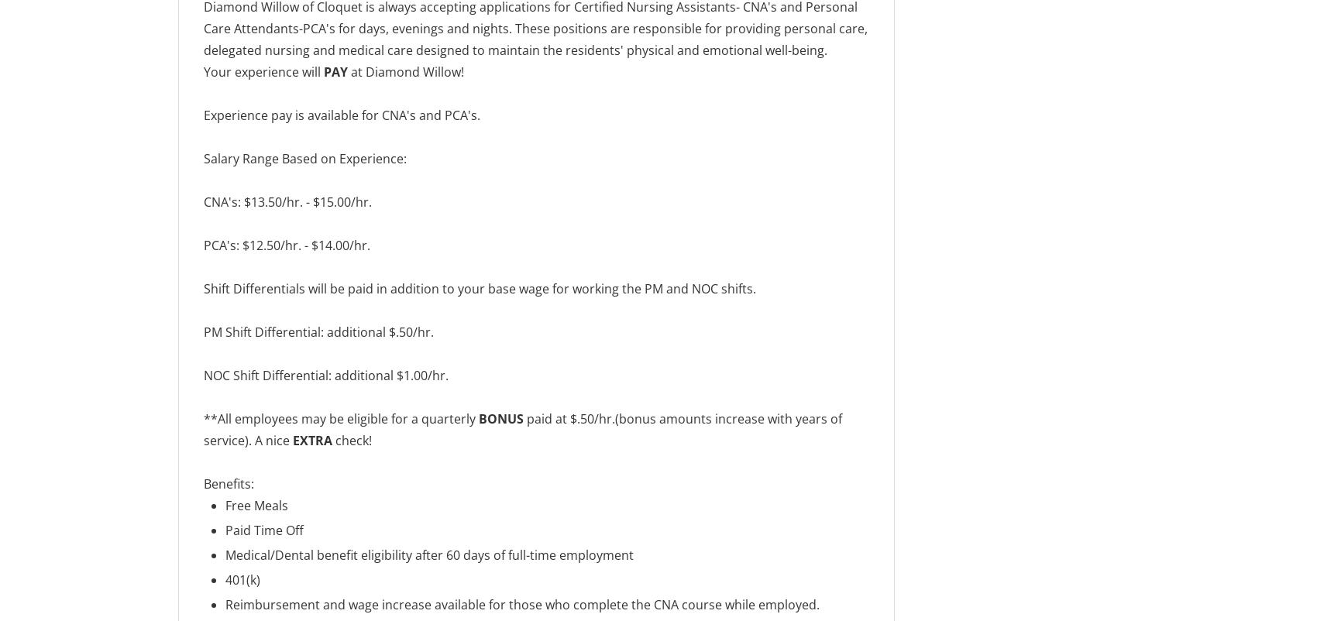  I want to click on 'PCA's: $12.50/hr. - $14.00/hr.', so click(286, 245).